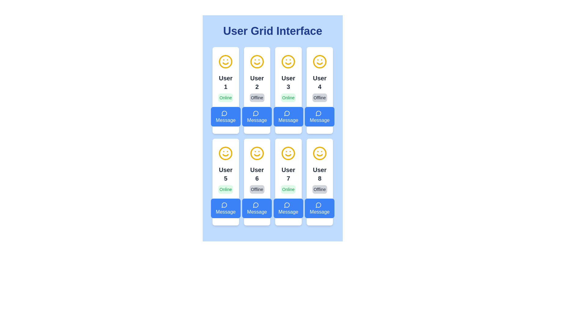 The width and height of the screenshot is (587, 330). What do you see at coordinates (319, 153) in the screenshot?
I see `the yellow circular smiley face icon located at the top of the user card for User 8` at bounding box center [319, 153].